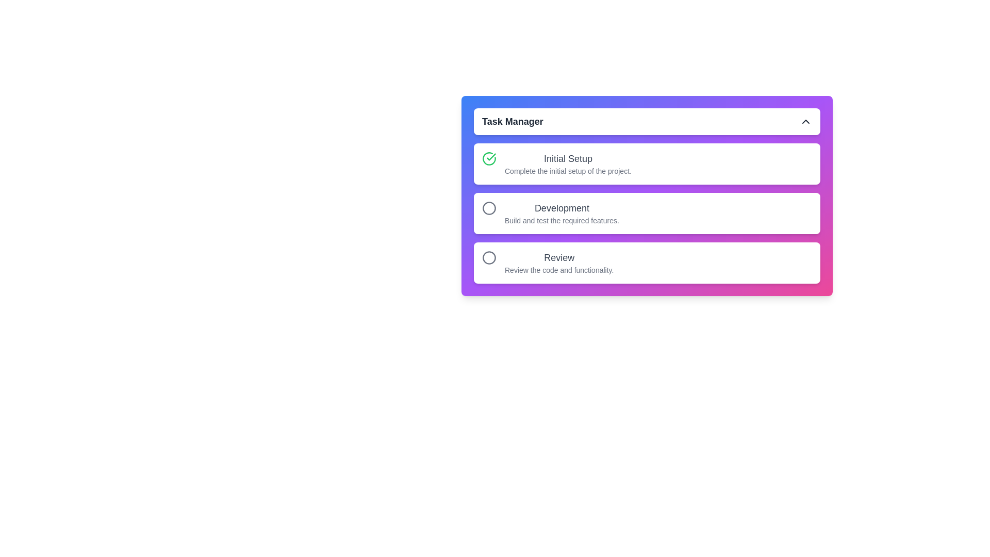 The width and height of the screenshot is (990, 557). Describe the element at coordinates (558, 262) in the screenshot. I see `the description text of the task 'Review' to inspect its details` at that location.